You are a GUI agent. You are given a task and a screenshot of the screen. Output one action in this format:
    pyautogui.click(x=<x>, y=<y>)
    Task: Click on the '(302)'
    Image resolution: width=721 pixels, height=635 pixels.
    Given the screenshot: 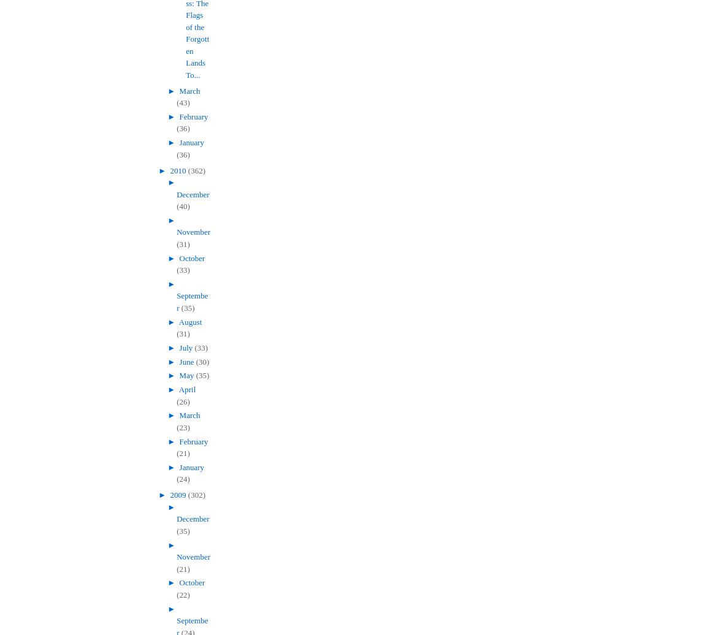 What is the action you would take?
    pyautogui.click(x=187, y=495)
    